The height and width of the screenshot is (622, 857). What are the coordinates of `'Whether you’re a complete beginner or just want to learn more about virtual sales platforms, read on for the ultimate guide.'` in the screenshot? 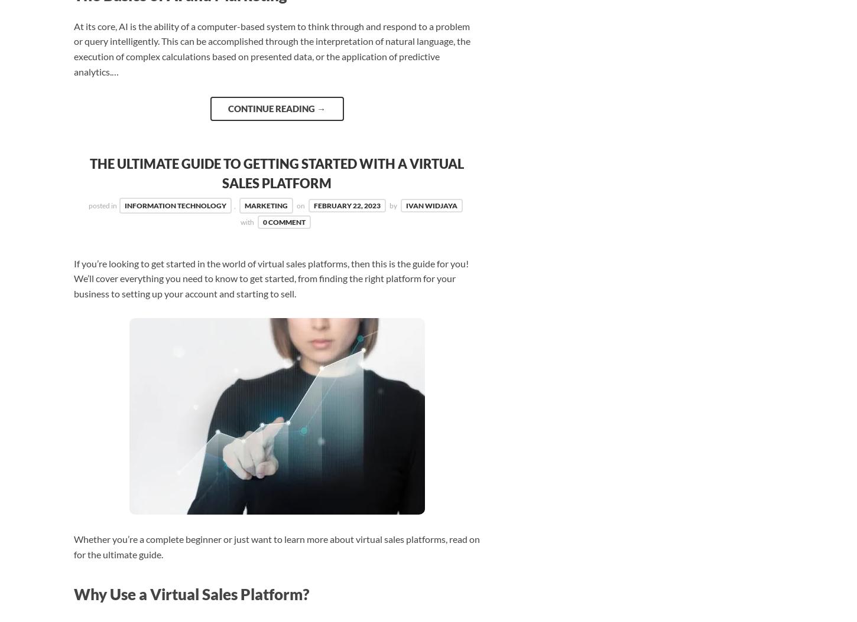 It's located at (276, 546).